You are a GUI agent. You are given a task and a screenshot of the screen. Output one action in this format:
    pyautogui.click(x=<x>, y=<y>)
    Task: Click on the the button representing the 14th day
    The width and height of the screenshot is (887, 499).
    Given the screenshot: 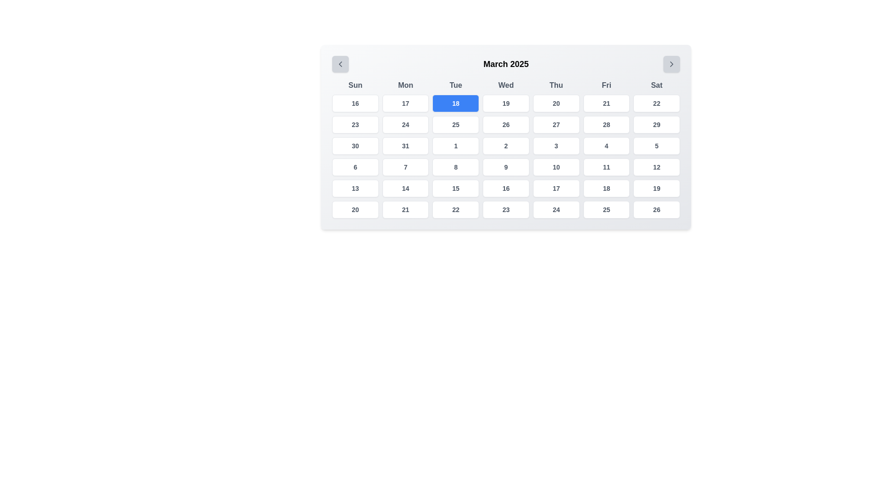 What is the action you would take?
    pyautogui.click(x=406, y=188)
    